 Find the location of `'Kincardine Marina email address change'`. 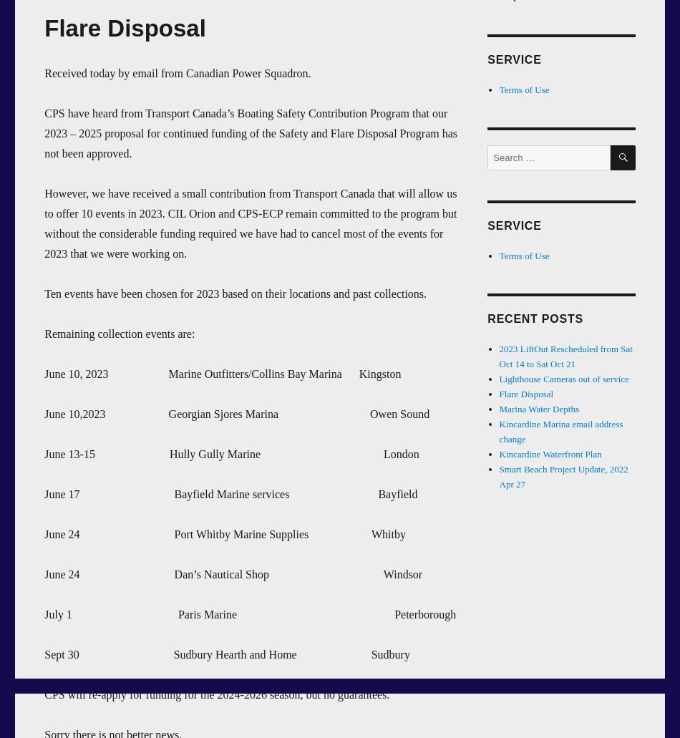

'Kincardine Marina email address change' is located at coordinates (499, 431).